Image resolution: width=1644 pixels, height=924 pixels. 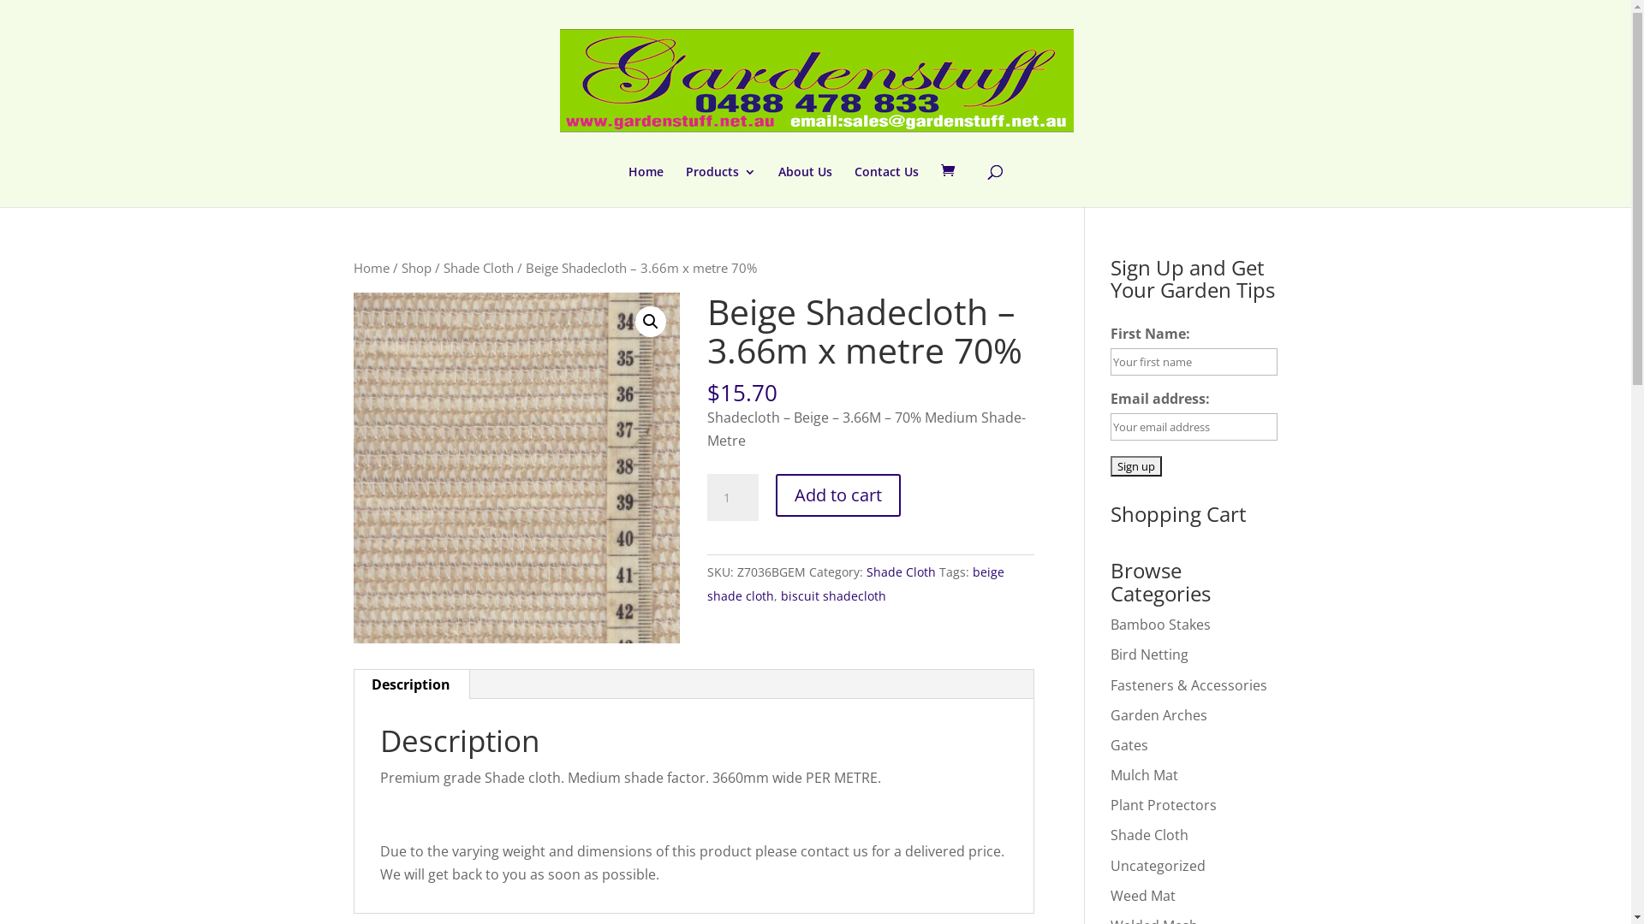 What do you see at coordinates (732, 498) in the screenshot?
I see `'Qty'` at bounding box center [732, 498].